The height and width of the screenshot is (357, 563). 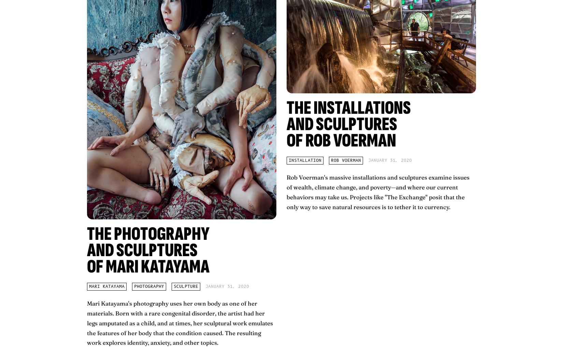 What do you see at coordinates (305, 160) in the screenshot?
I see `'installation'` at bounding box center [305, 160].